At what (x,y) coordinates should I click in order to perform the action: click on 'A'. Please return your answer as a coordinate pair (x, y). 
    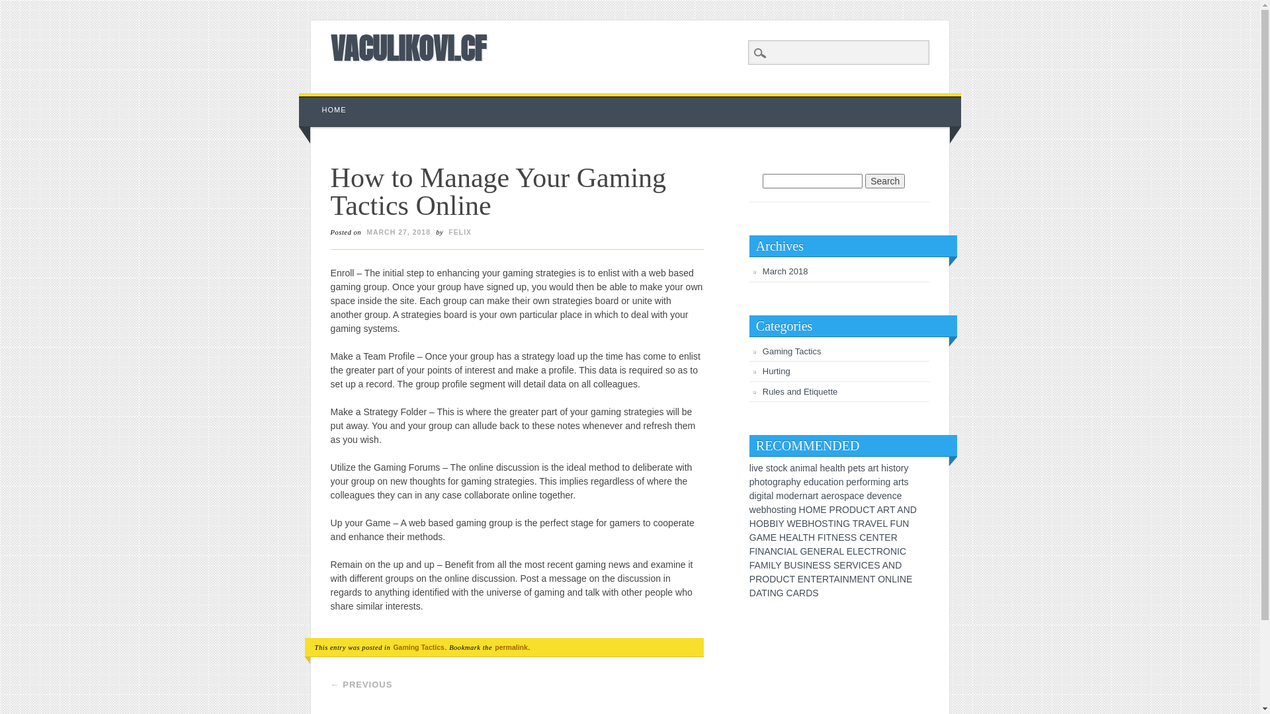
    Looking at the image, I should click on (867, 522).